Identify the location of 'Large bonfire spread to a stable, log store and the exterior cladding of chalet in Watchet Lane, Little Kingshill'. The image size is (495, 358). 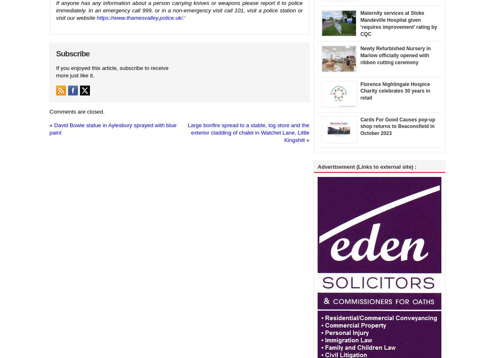
(248, 133).